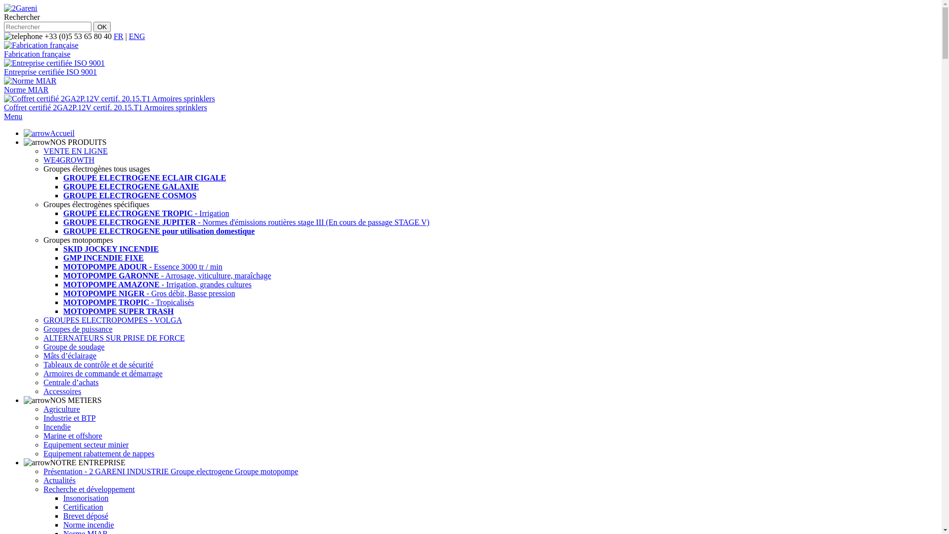 This screenshot has width=949, height=534. I want to click on 'Groupe de soudage', so click(73, 346).